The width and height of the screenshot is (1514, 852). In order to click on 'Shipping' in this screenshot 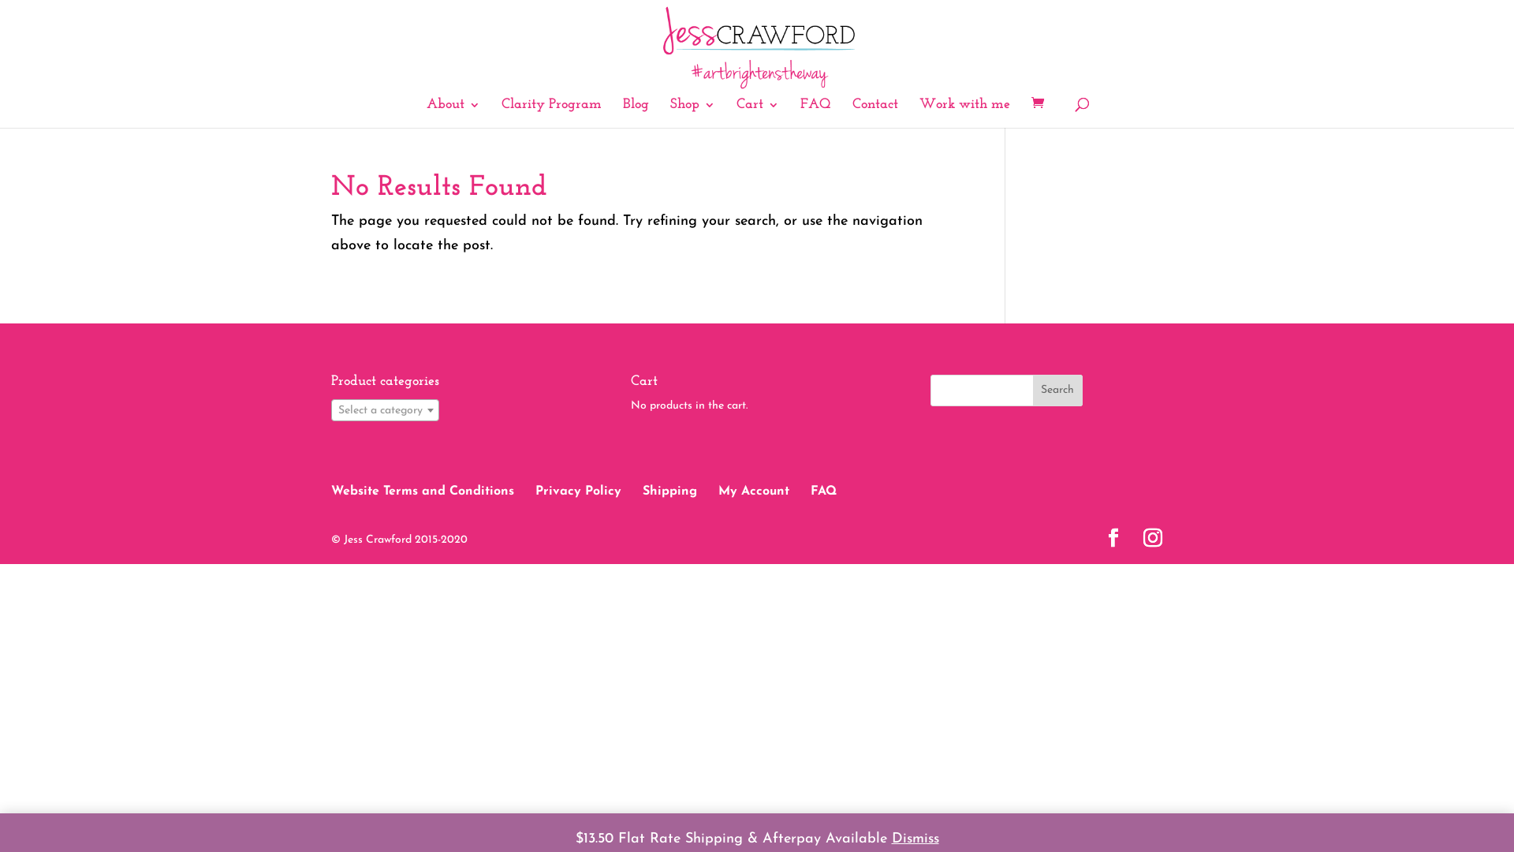, I will do `click(669, 491)`.